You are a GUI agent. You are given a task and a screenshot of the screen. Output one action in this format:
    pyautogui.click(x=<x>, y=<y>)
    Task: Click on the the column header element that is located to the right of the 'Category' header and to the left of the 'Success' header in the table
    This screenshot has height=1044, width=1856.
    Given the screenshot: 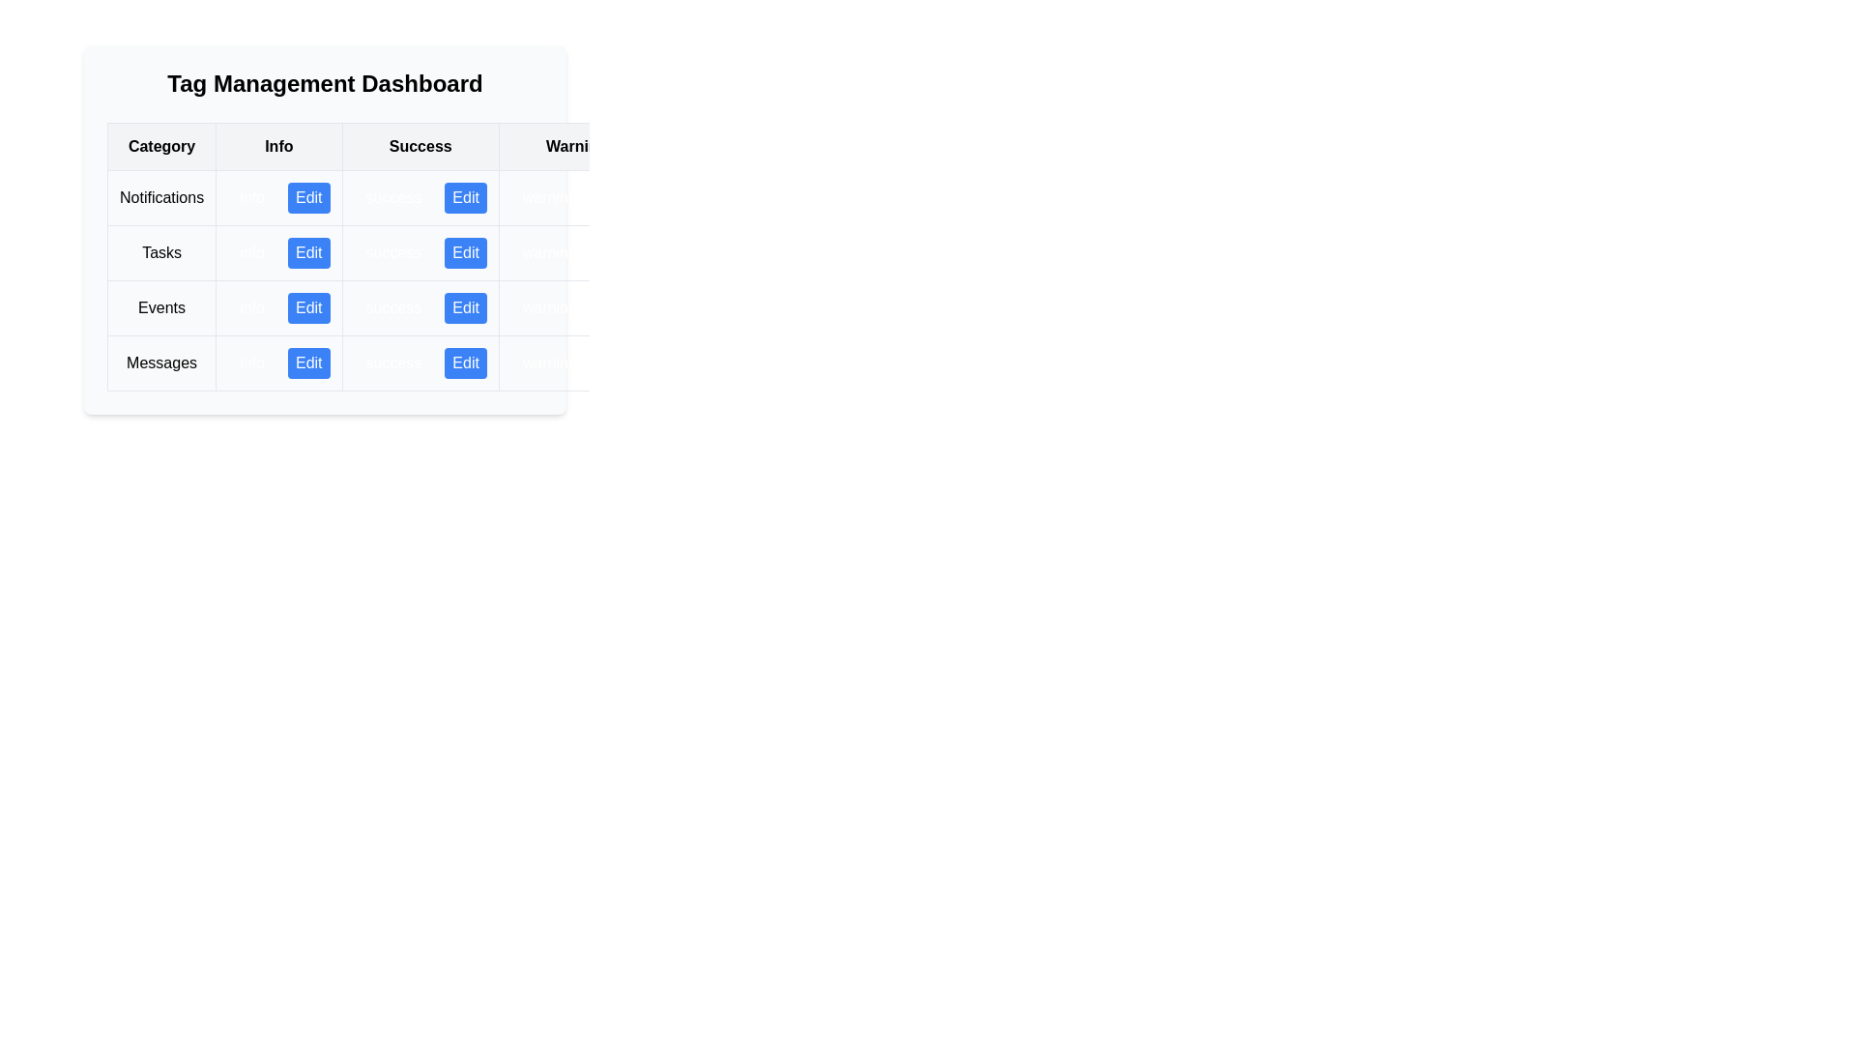 What is the action you would take?
    pyautogui.click(x=277, y=145)
    